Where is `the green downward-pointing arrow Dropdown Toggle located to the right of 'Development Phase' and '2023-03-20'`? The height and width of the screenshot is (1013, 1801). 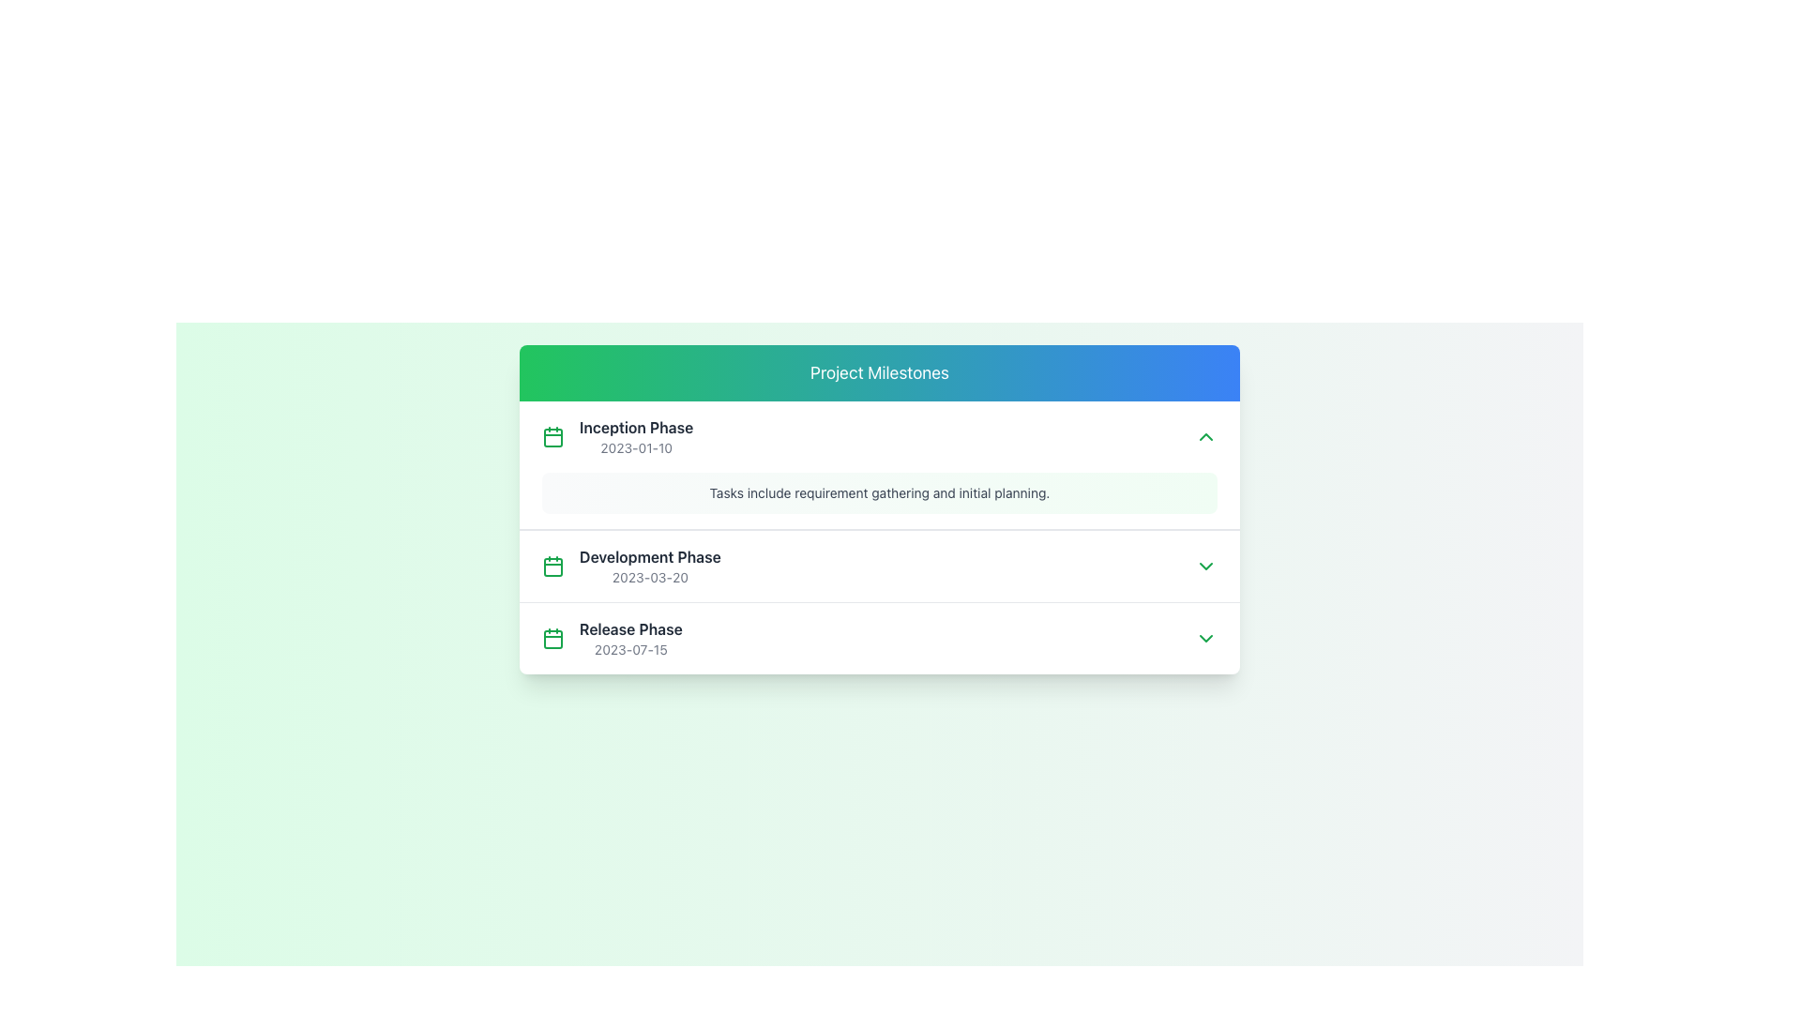
the green downward-pointing arrow Dropdown Toggle located to the right of 'Development Phase' and '2023-03-20' is located at coordinates (1206, 566).